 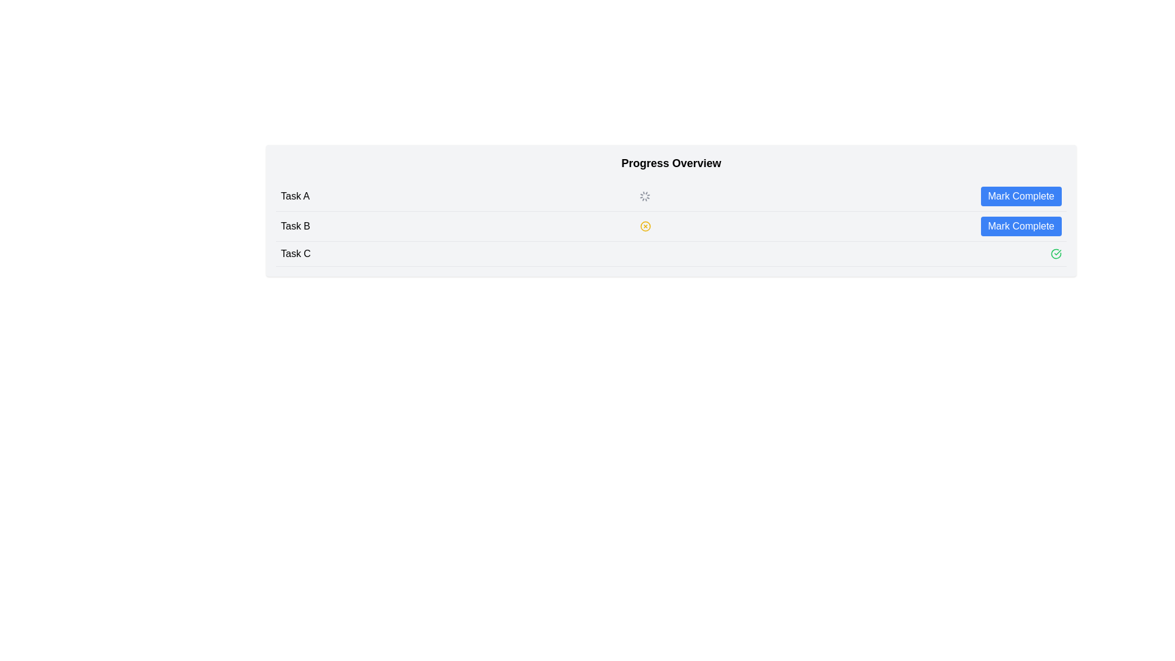 I want to click on the button used to mark 'Task A' as completed, so click(x=1021, y=195).